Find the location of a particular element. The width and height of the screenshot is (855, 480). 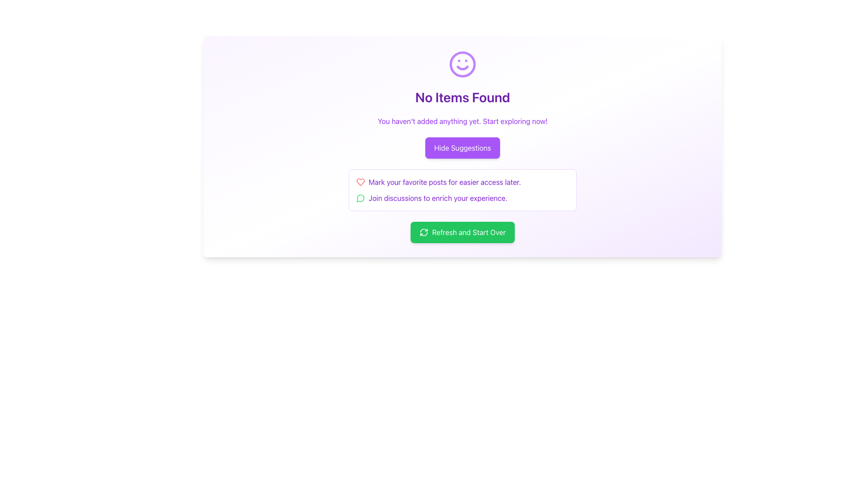

the label indicating that no items are currently available, located beneath the smiley icon and above the subtitle 'You haven't added anything yet.' is located at coordinates (462, 97).